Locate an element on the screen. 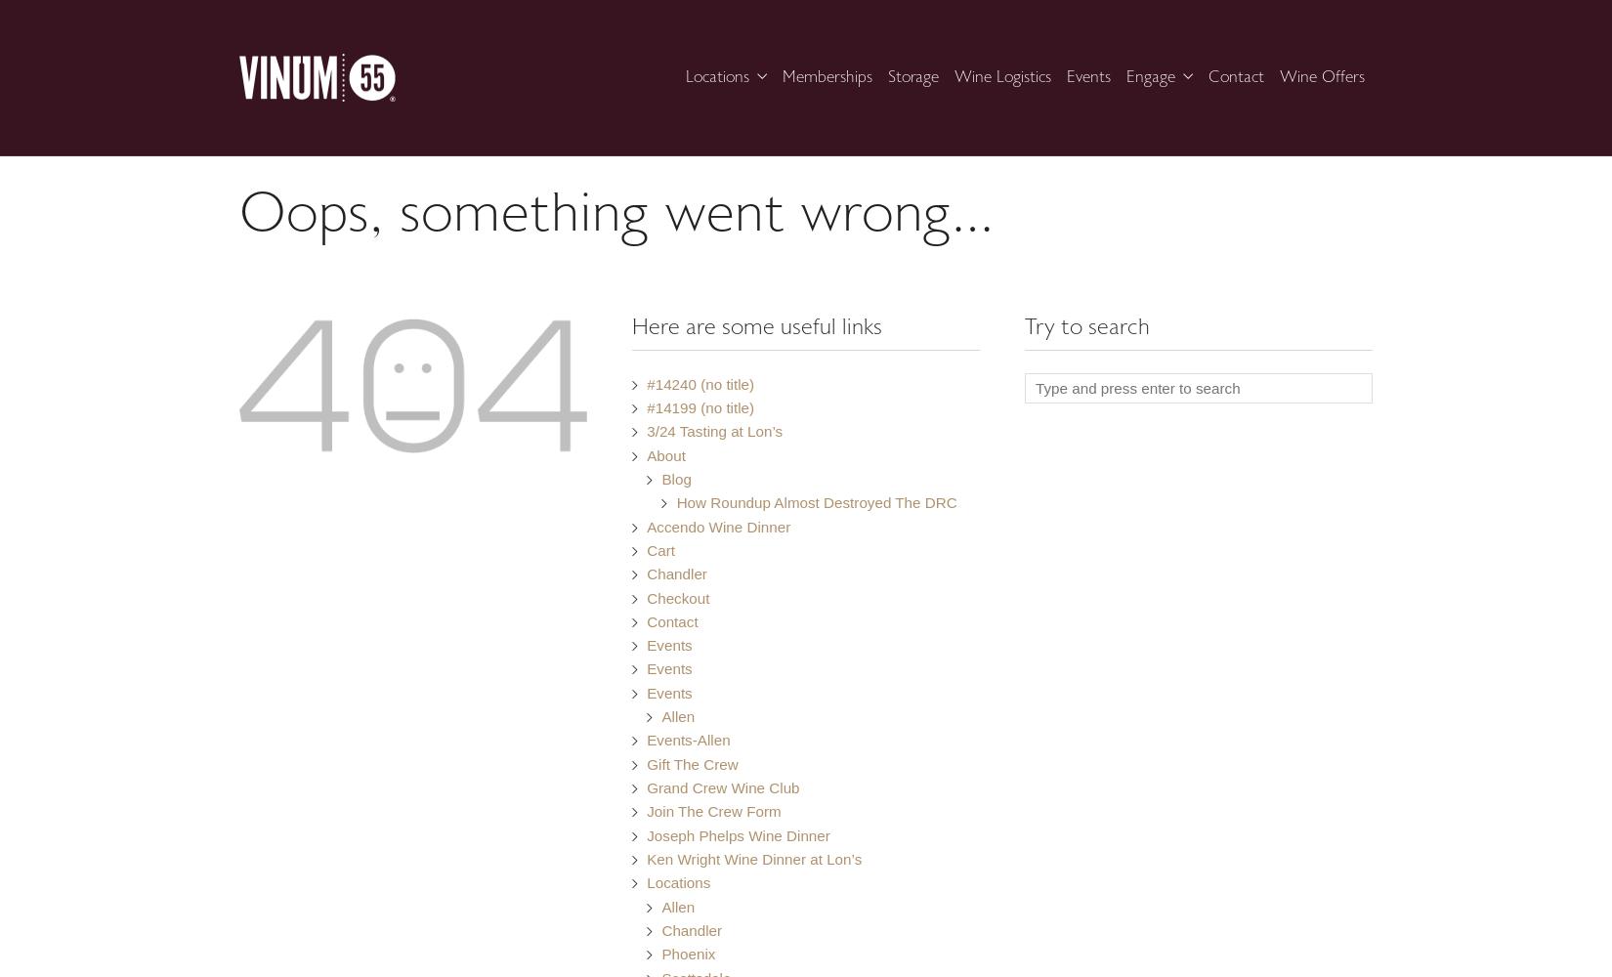 This screenshot has width=1612, height=977. '#14199 (no title)' is located at coordinates (699, 407).